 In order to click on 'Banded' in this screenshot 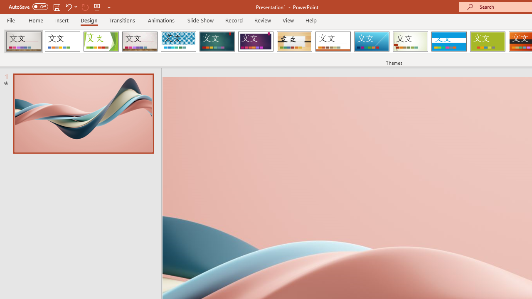, I will do `click(448, 42)`.